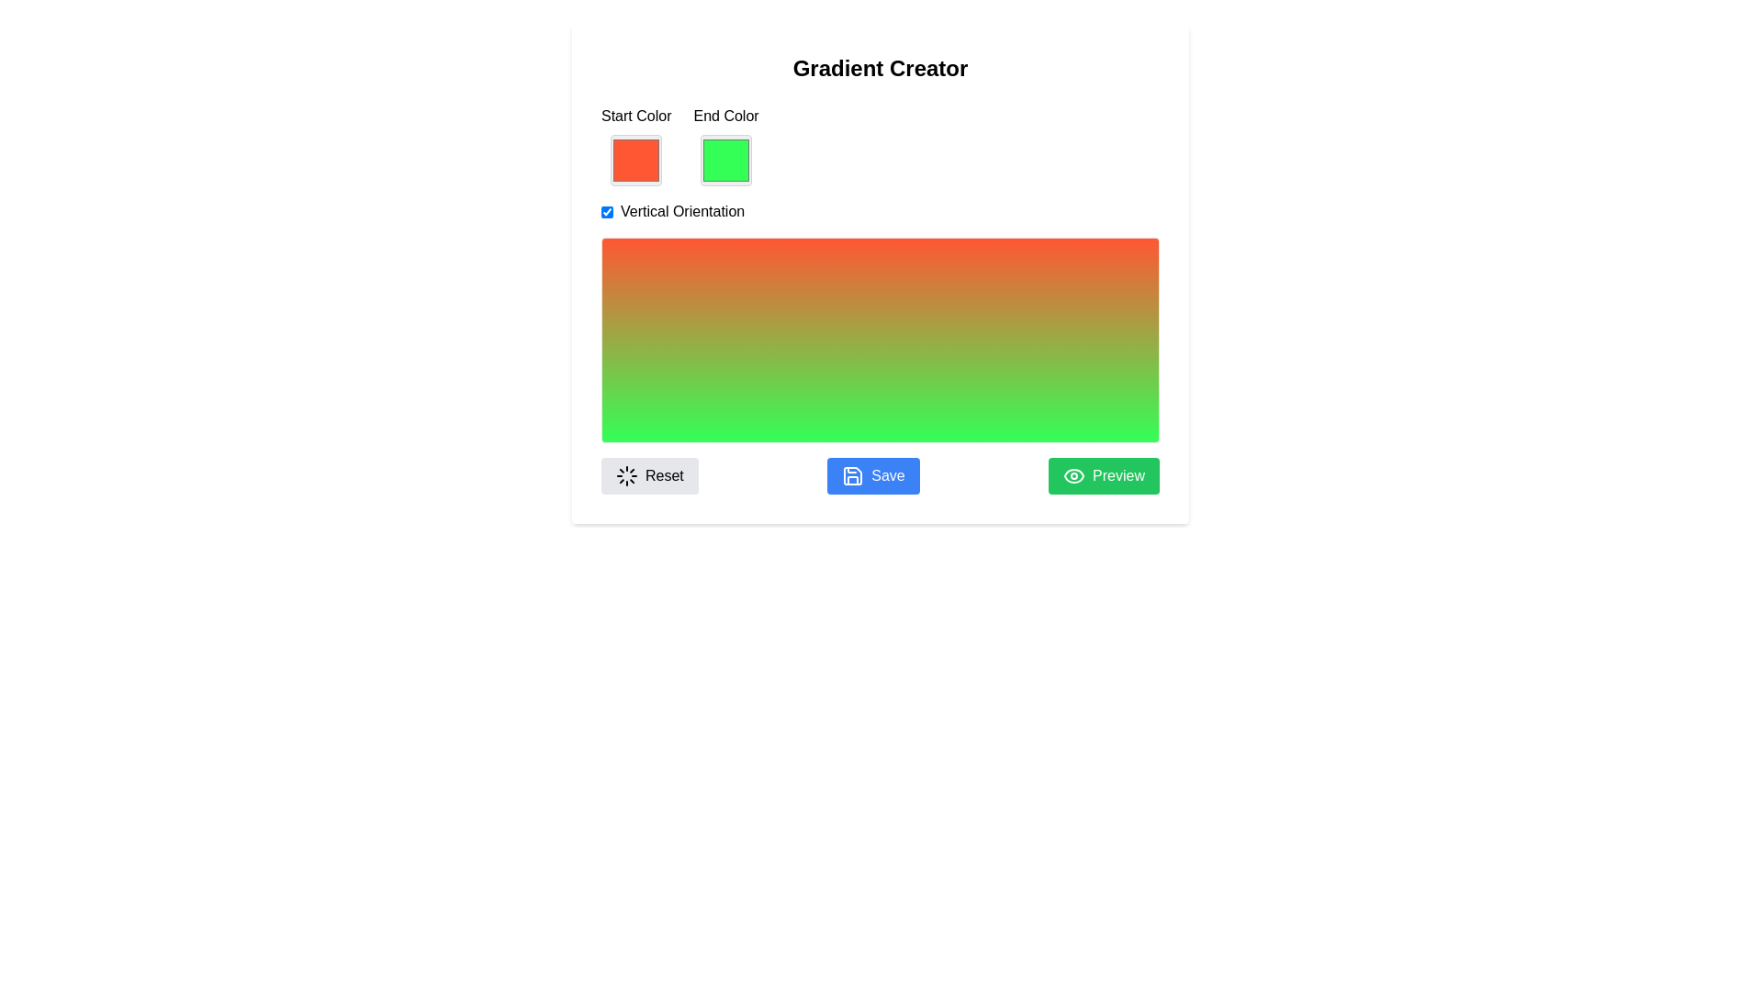 The width and height of the screenshot is (1763, 991). What do you see at coordinates (852, 475) in the screenshot?
I see `the 'Save' button which contains the floppy disk icon on its left side, positioned between the 'Reset' and 'Preview' labels` at bounding box center [852, 475].